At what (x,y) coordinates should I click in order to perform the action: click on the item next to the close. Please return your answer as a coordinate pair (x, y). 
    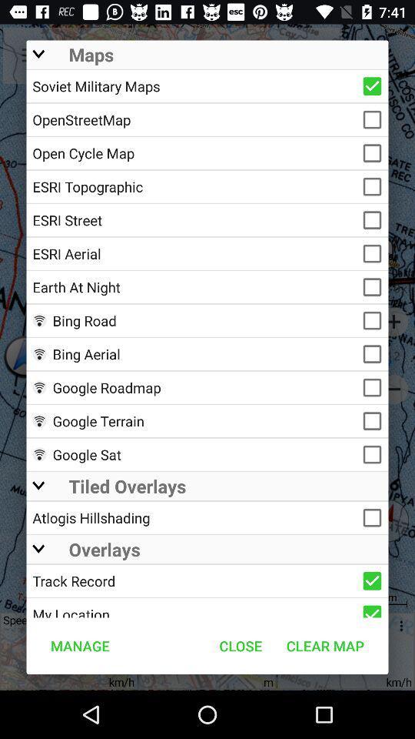
    Looking at the image, I should click on (324, 646).